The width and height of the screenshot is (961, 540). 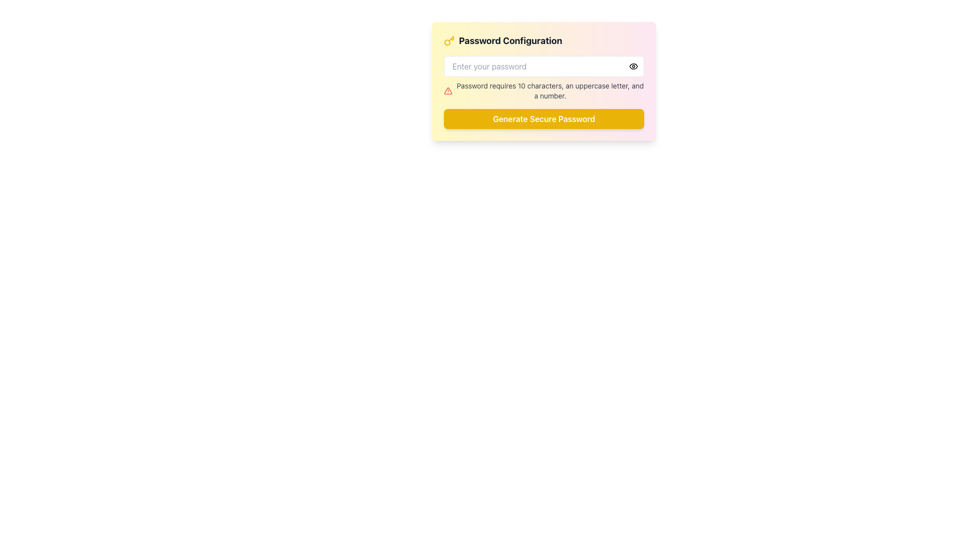 I want to click on the text label that states 'Password requires 10 characters, an uppercase letter, and a number.' which is styled in small gray font and positioned below a triangular alert icon, so click(x=550, y=90).